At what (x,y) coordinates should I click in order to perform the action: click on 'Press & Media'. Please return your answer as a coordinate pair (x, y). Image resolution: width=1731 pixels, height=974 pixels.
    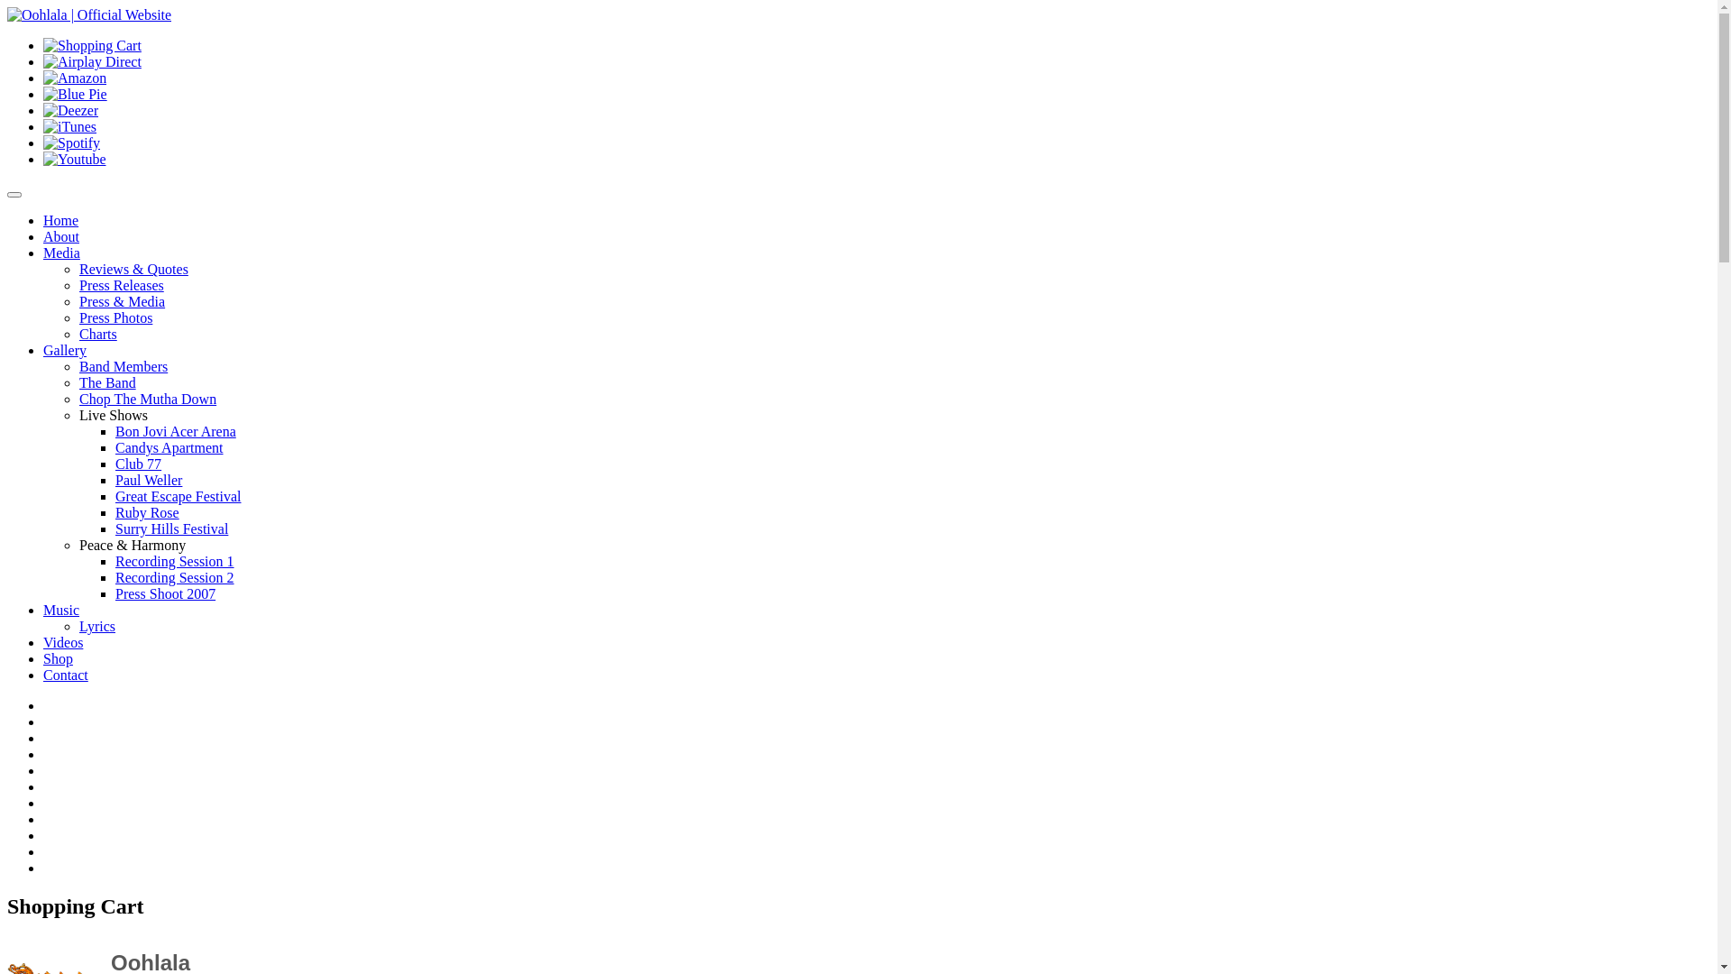
    Looking at the image, I should click on (121, 300).